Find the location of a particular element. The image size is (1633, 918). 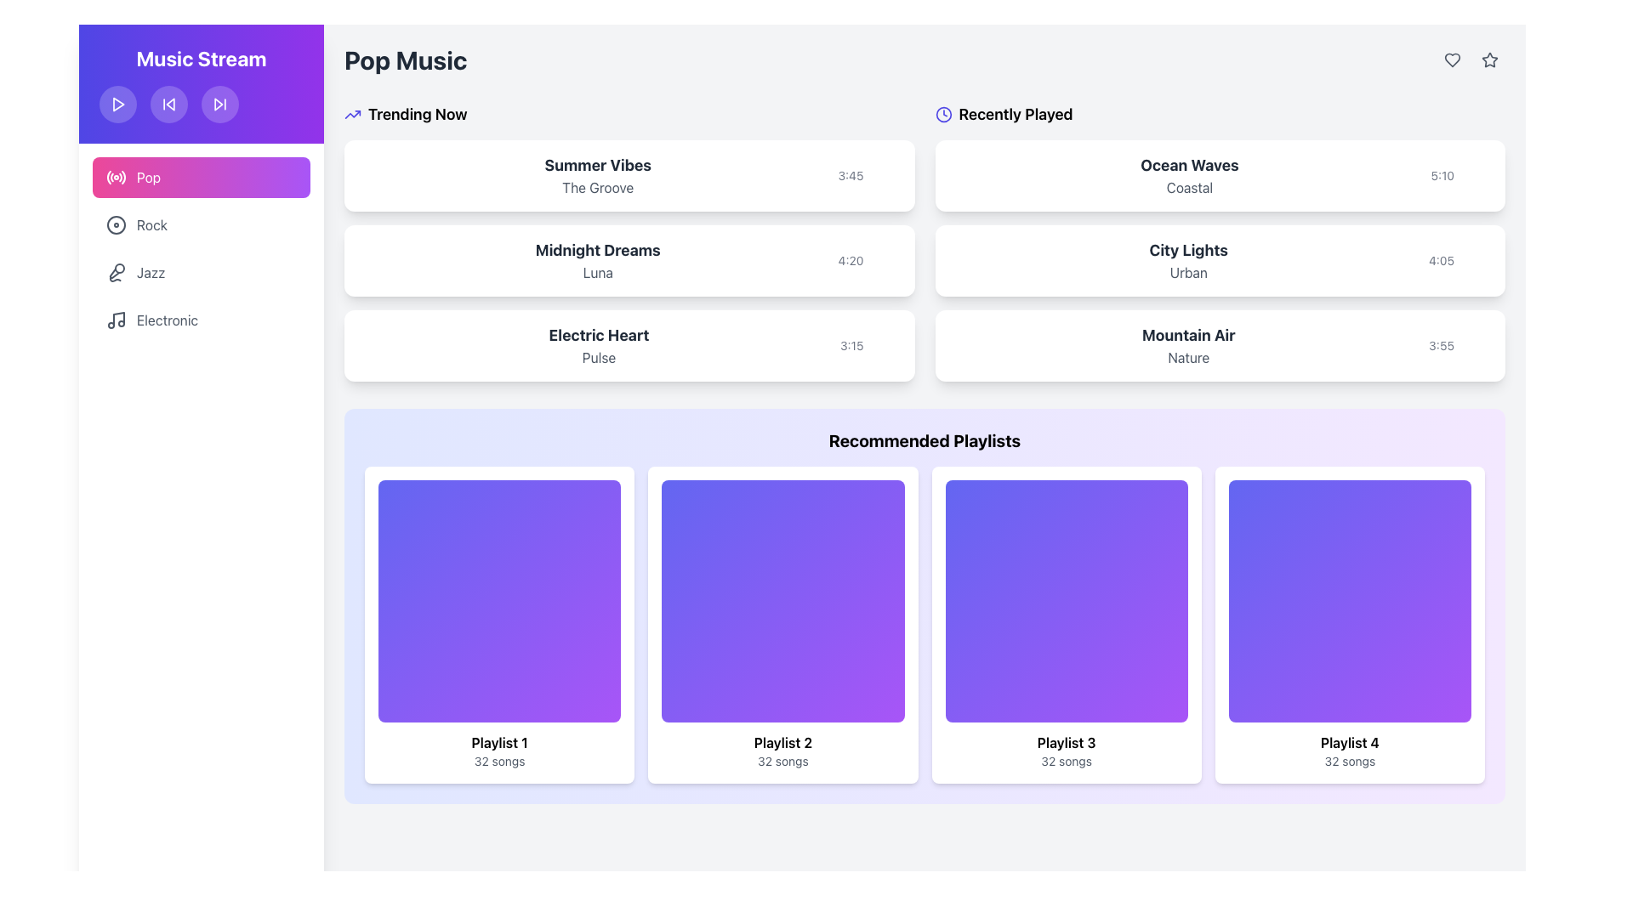

the text label UI component that serves as a title for recently played media, emphasizing its importance and positioned to the right of a clock icon is located at coordinates (1016, 115).